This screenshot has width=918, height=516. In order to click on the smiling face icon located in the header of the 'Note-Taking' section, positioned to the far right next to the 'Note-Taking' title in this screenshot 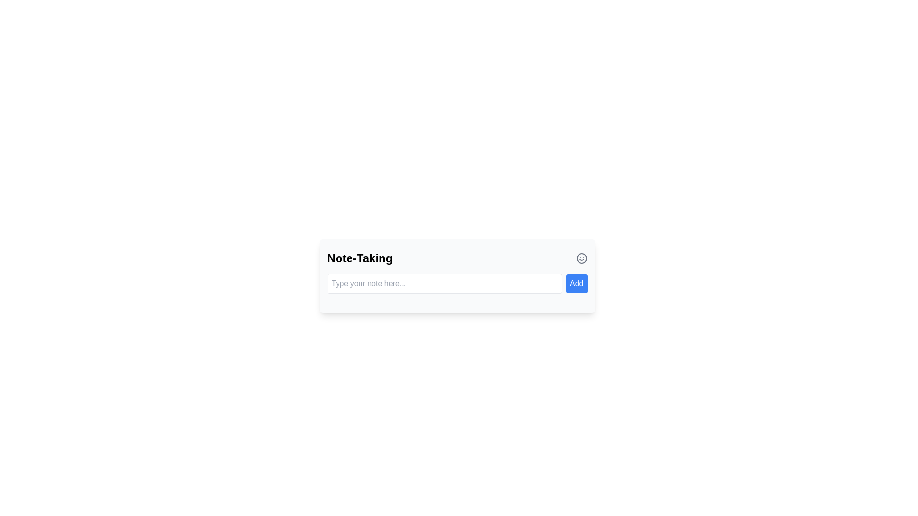, I will do `click(581, 258)`.